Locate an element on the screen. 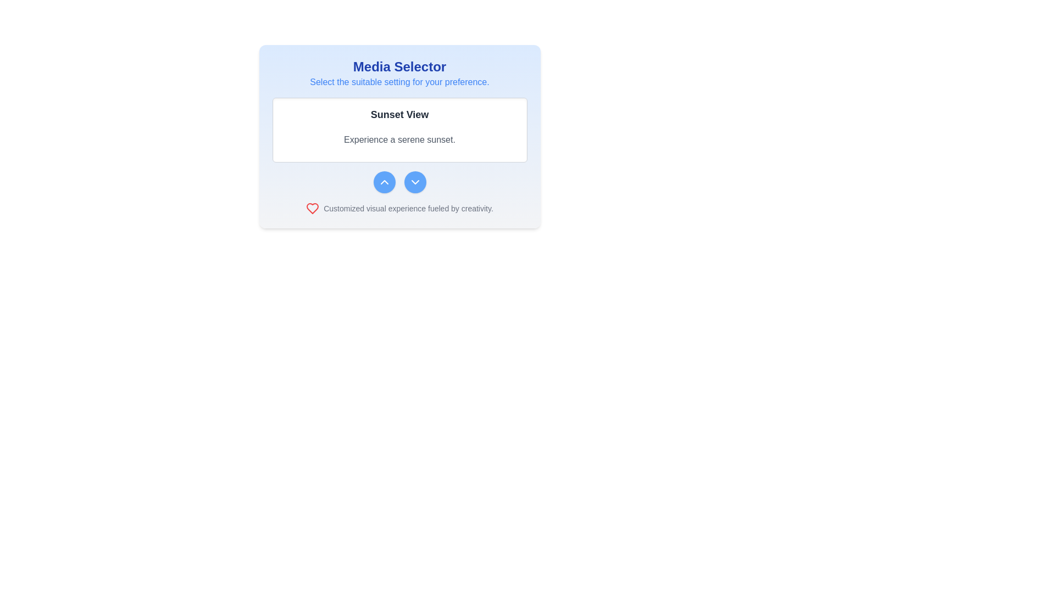 The width and height of the screenshot is (1055, 593). the text label displaying 'Select the suitable setting for your preference.' which is styled in blue font and located just under the 'Media Selector' header is located at coordinates (399, 82).